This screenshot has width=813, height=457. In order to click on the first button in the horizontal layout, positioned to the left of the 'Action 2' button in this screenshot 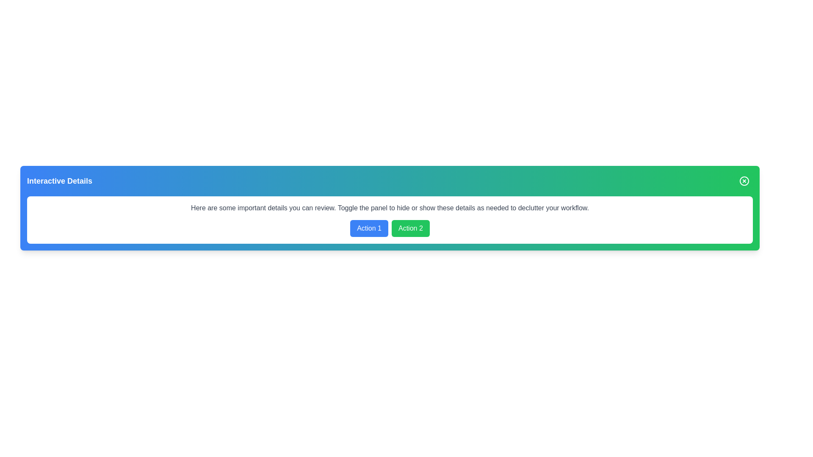, I will do `click(369, 228)`.